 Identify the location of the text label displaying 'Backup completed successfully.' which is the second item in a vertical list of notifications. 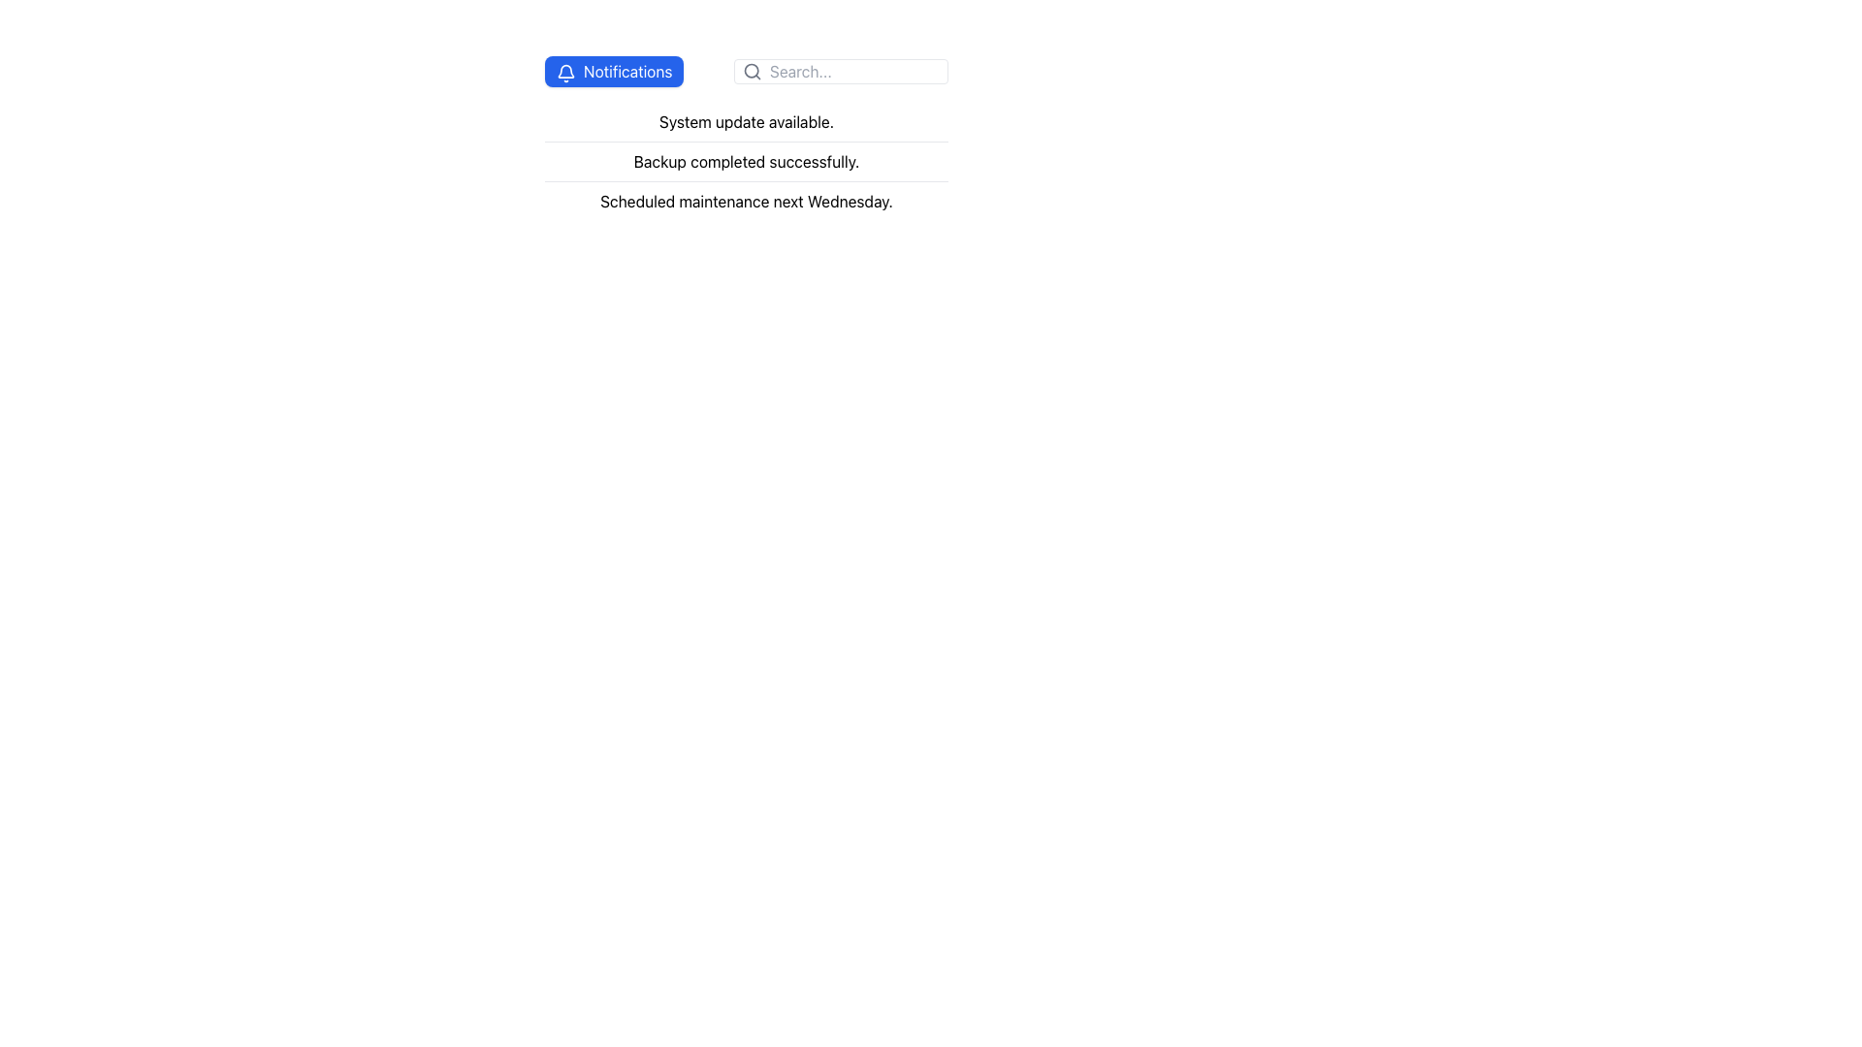
(745, 160).